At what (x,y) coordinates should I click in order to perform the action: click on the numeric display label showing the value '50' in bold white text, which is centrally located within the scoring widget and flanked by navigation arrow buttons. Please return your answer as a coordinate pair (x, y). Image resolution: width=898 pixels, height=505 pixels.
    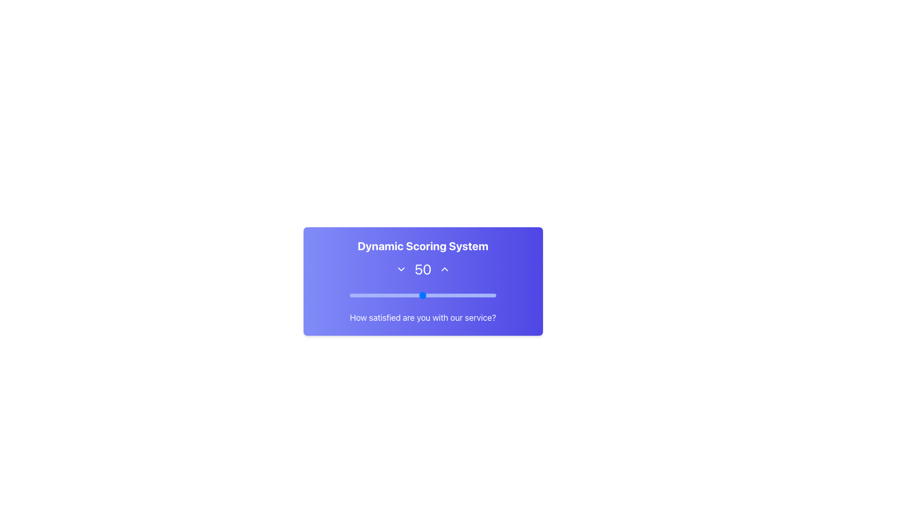
    Looking at the image, I should click on (422, 269).